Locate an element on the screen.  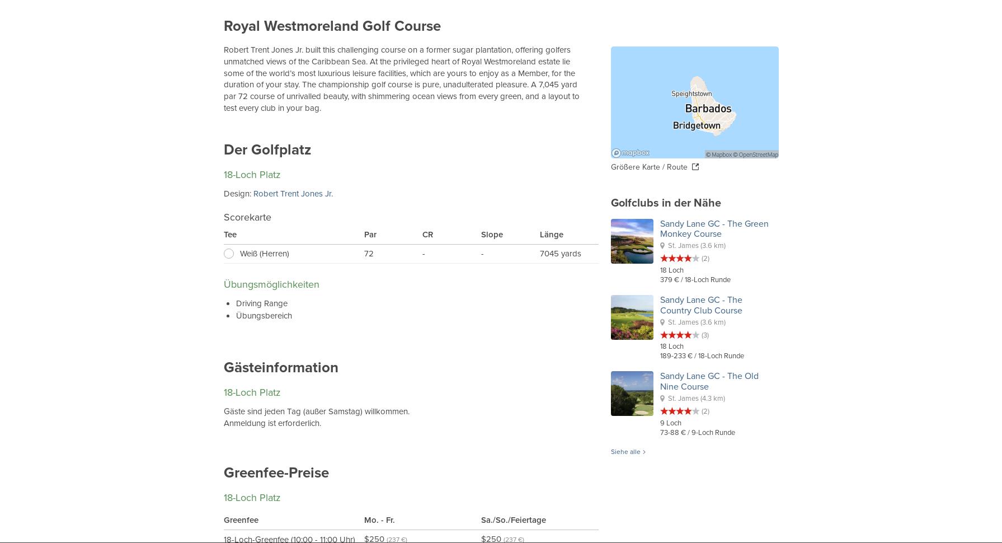
'Slope' is located at coordinates (492, 235).